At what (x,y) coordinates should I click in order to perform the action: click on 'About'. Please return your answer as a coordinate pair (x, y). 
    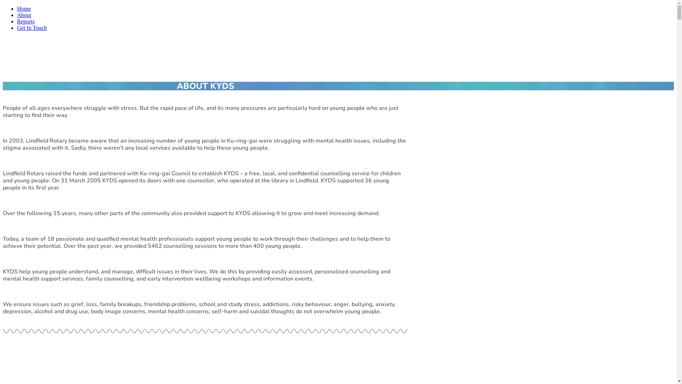
    Looking at the image, I should click on (24, 15).